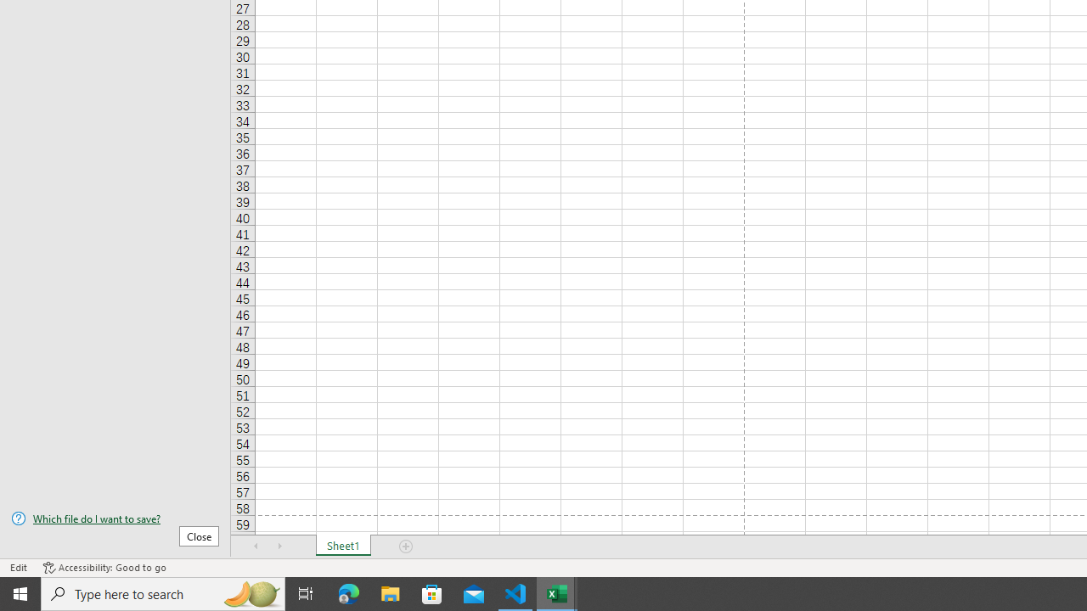  Describe the element at coordinates (280, 547) in the screenshot. I see `'Scroll Right'` at that location.